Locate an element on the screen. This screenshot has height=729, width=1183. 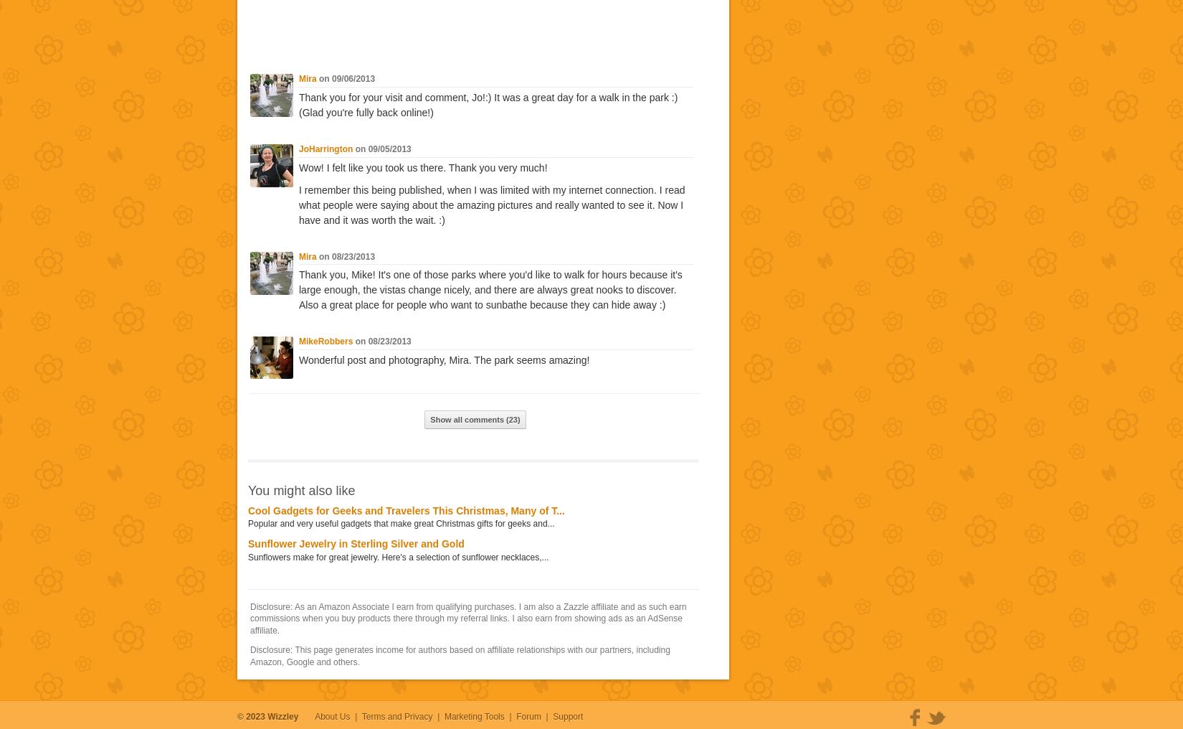
'on 09/06/2013' is located at coordinates (344, 79).